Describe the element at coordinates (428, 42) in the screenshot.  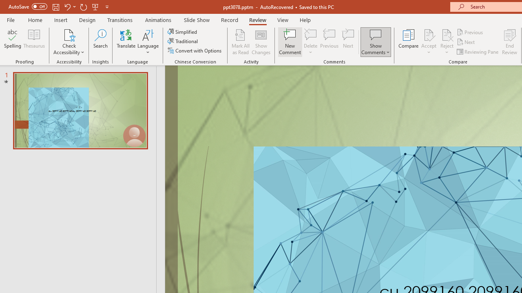
I see `'Accept'` at that location.